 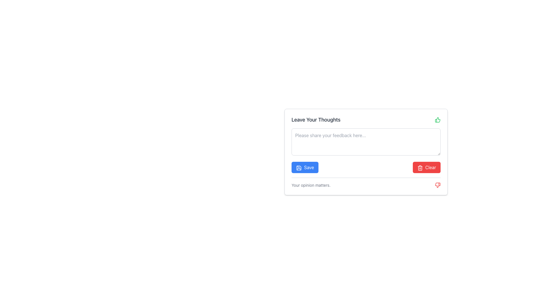 I want to click on the approval icon located to the far-right of the title text 'Leave Your Thoughts' to provide positive feedback, so click(x=437, y=120).